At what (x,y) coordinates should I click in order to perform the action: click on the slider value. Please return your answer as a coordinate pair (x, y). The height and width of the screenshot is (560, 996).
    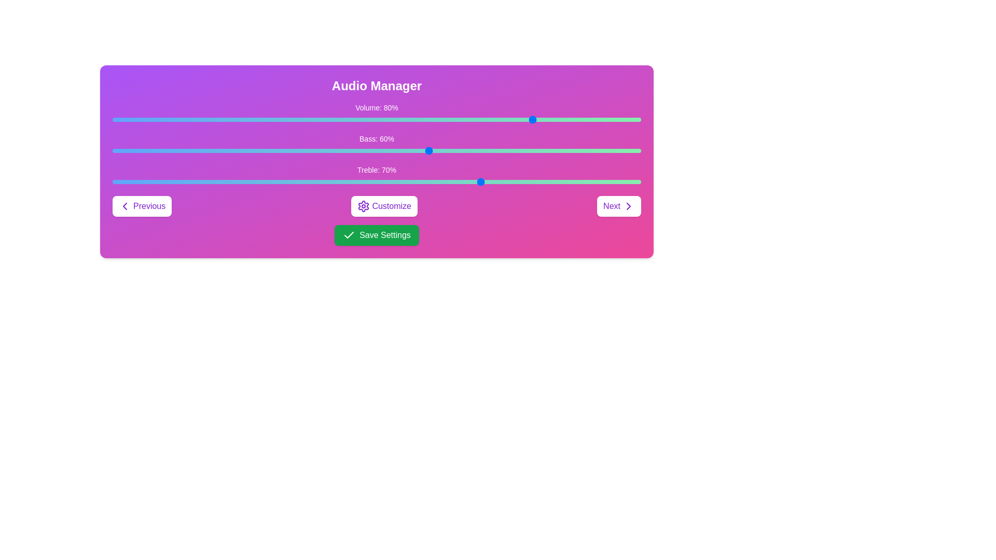
    Looking at the image, I should click on (149, 119).